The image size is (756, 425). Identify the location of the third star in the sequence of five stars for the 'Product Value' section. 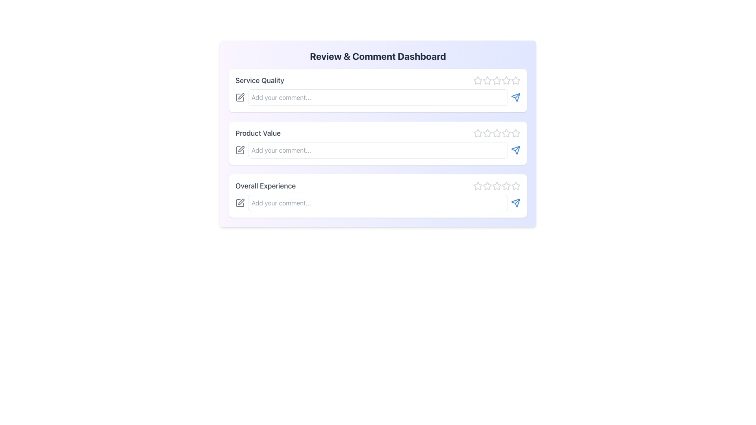
(497, 133).